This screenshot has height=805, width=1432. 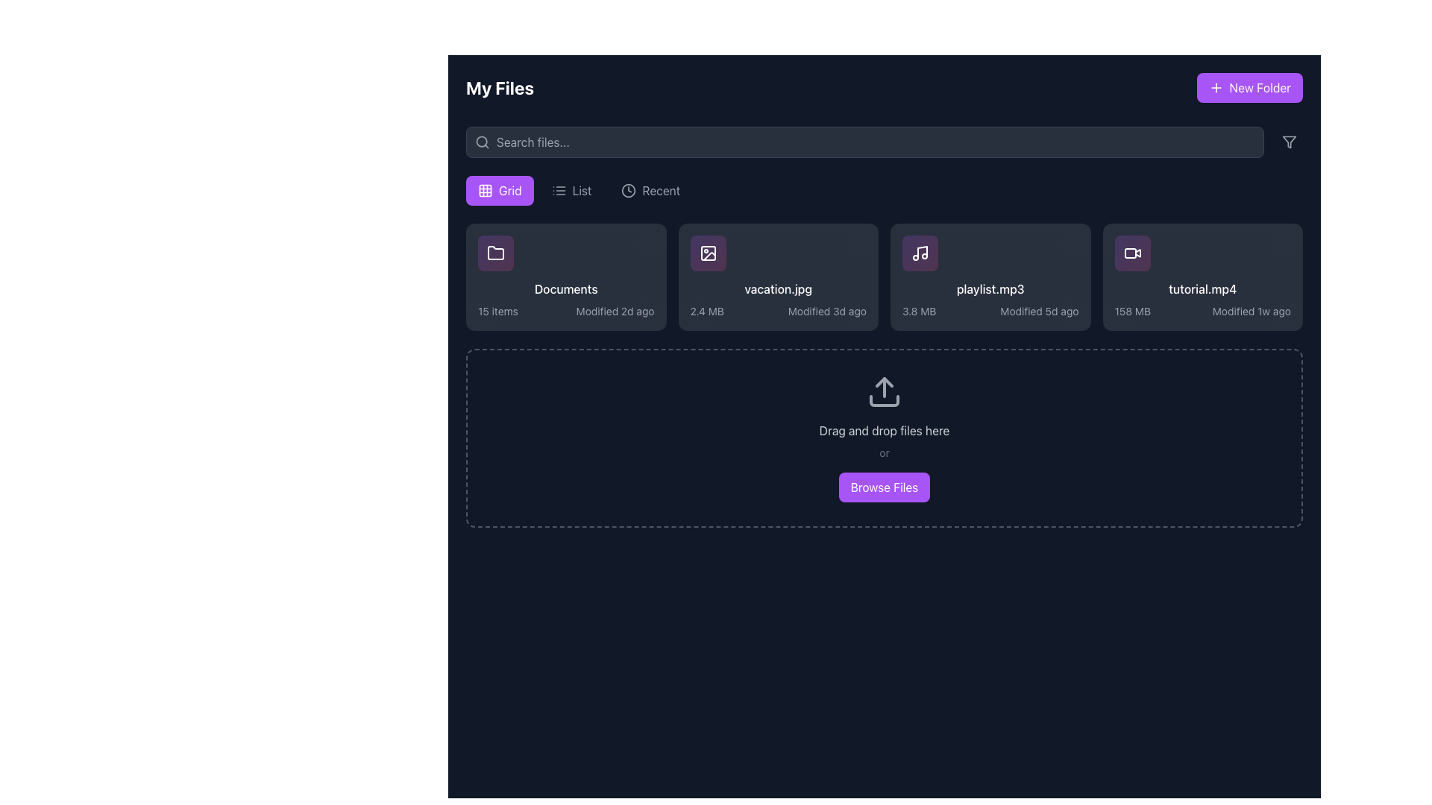 I want to click on the button located at the top-right corner of the 'playlist.mp3' file card, so click(x=1070, y=252).